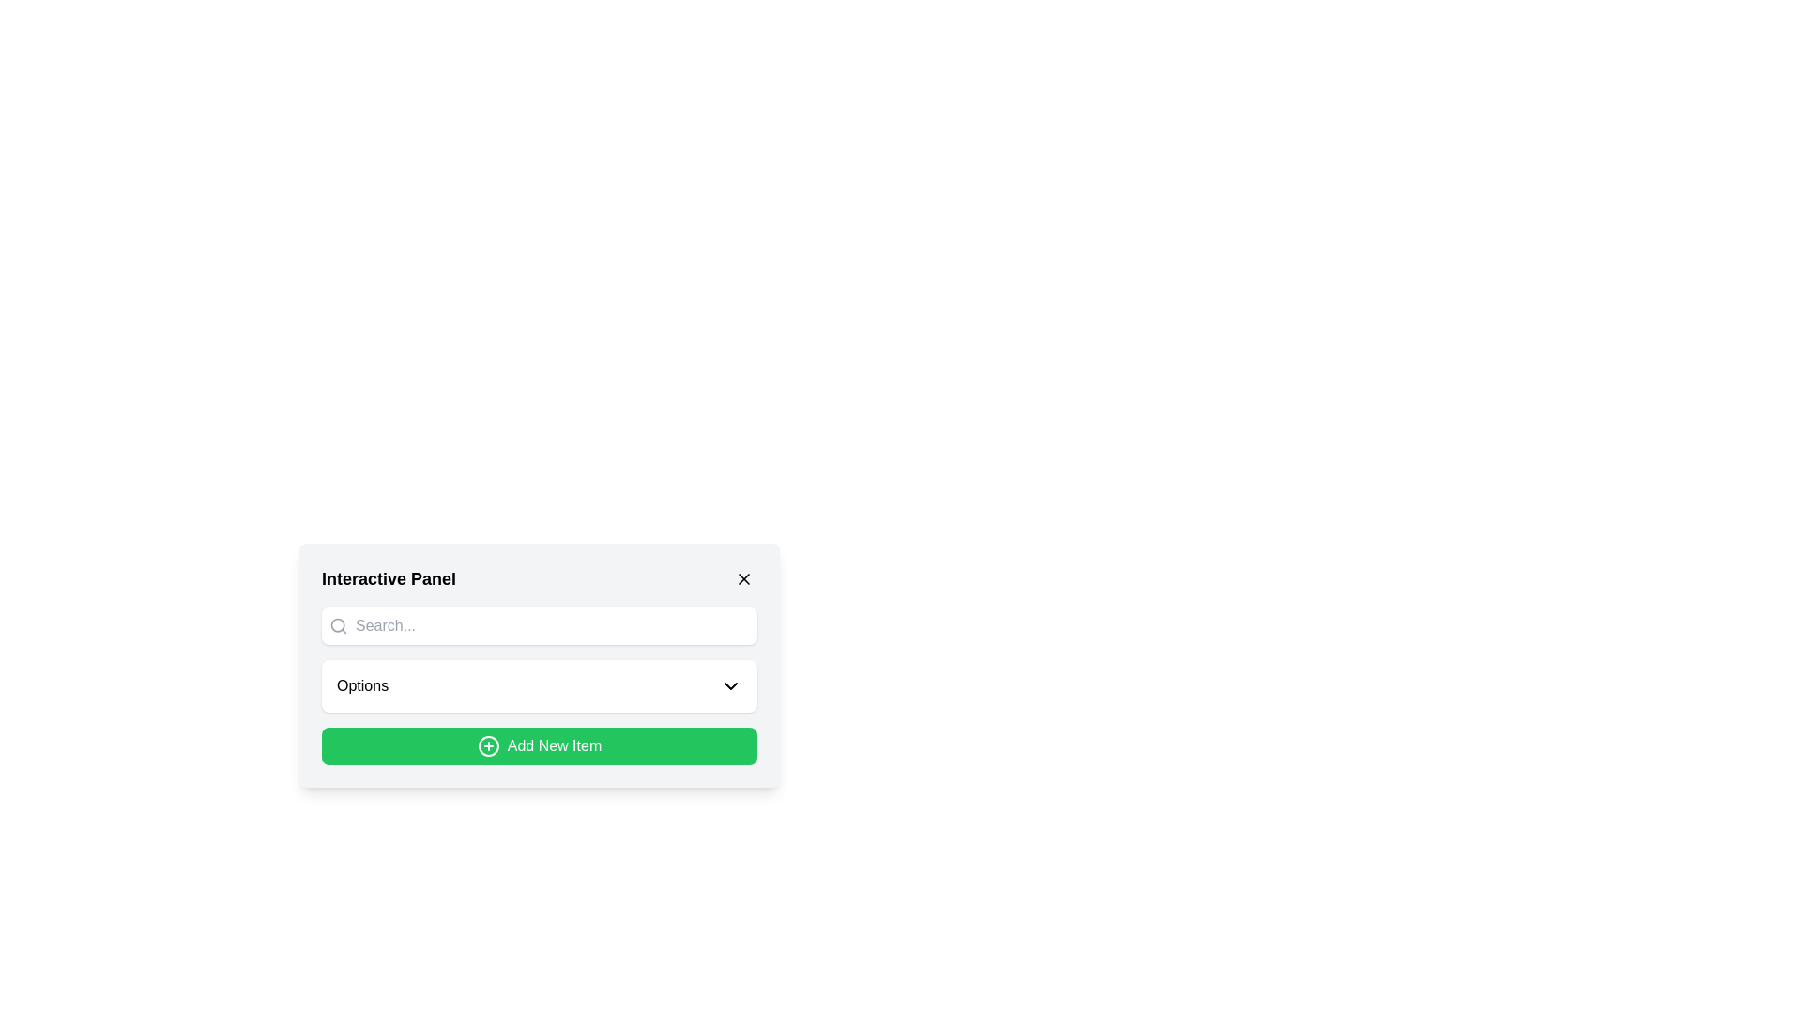 The height and width of the screenshot is (1014, 1802). Describe the element at coordinates (539, 686) in the screenshot. I see `the Dropdown menu labeled 'Options'` at that location.